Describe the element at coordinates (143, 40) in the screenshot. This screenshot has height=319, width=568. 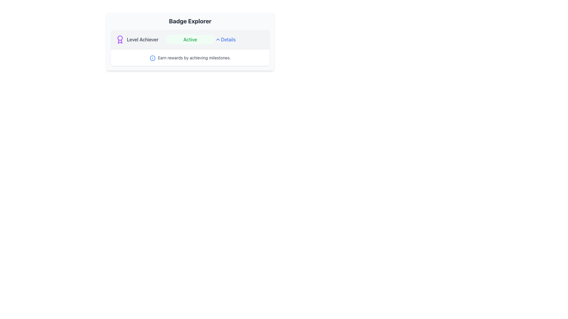
I see `the text label reading 'Level Achiever' which is styled with medium font weight and gray coloring, located next to a purple award icon in the 'Badge Explorer' box` at that location.